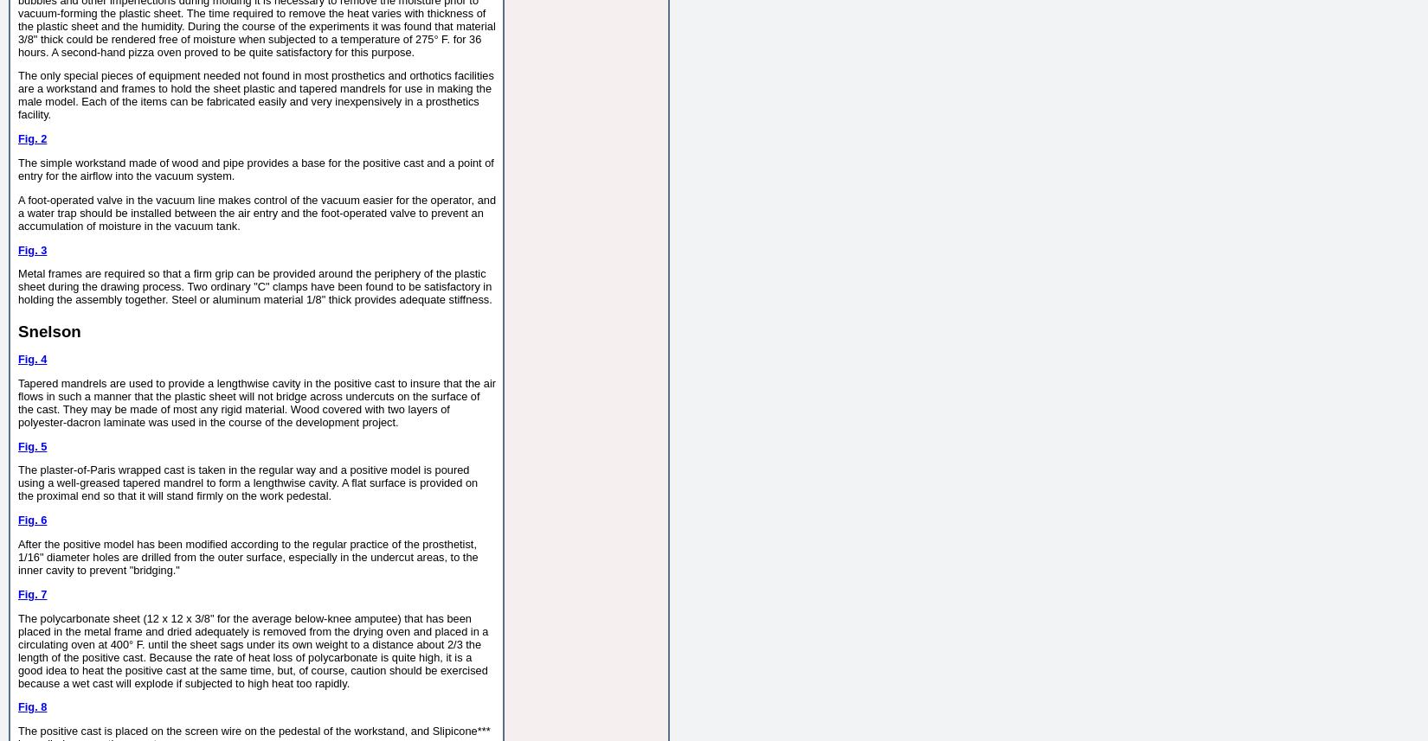 The image size is (1428, 741). What do you see at coordinates (32, 248) in the screenshot?
I see `'Fig. 3'` at bounding box center [32, 248].